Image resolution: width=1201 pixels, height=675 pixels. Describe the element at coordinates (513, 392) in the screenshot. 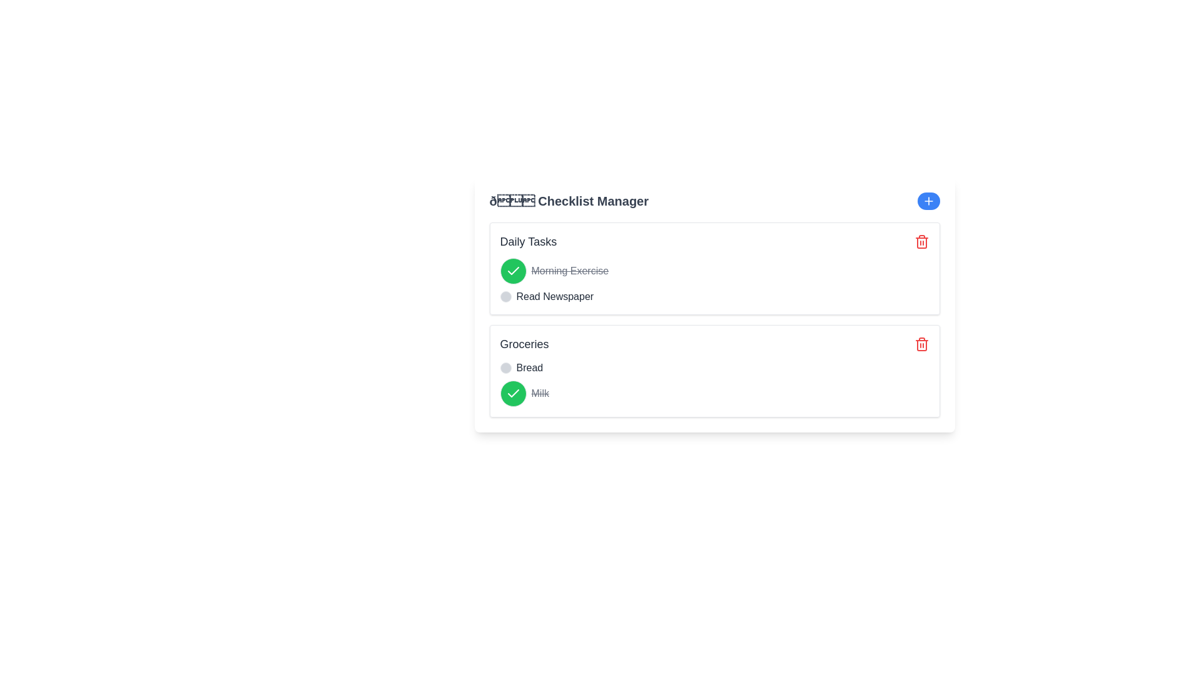

I see `the checkbox button next to the text 'Milk'` at that location.